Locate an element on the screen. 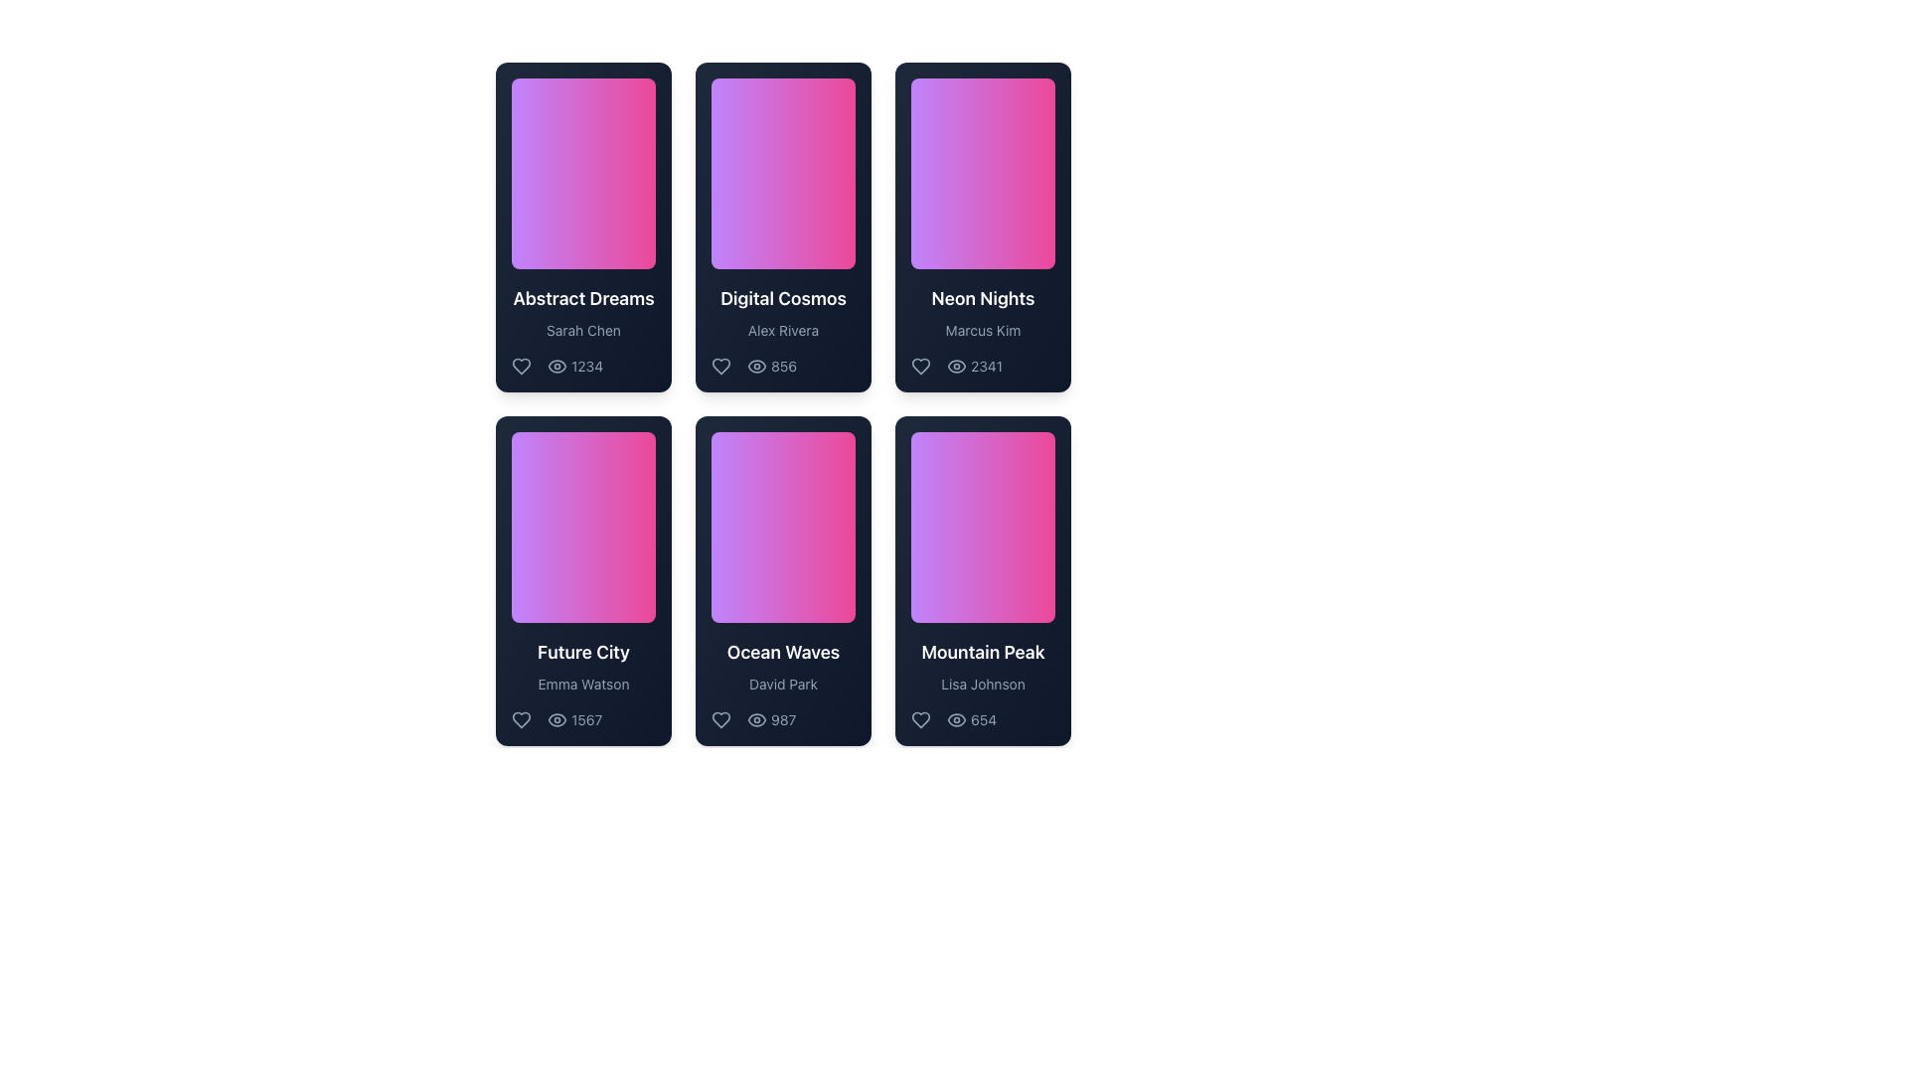 This screenshot has width=1908, height=1073. the text label displaying the number '1234' that represents the view count, located in the bottom-right area of the 'Abstract Dreams' card by Sarah Chen, next to the eye icon is located at coordinates (582, 367).